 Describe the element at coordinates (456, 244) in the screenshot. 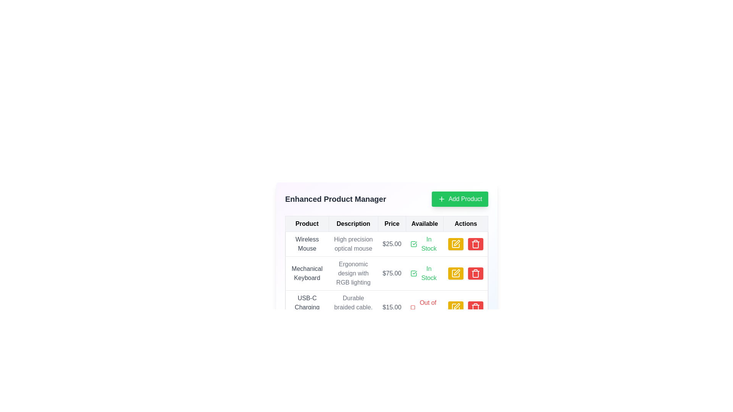

I see `the yellow button with white text and a pencil icon in the 'Actions' column of the first row` at that location.